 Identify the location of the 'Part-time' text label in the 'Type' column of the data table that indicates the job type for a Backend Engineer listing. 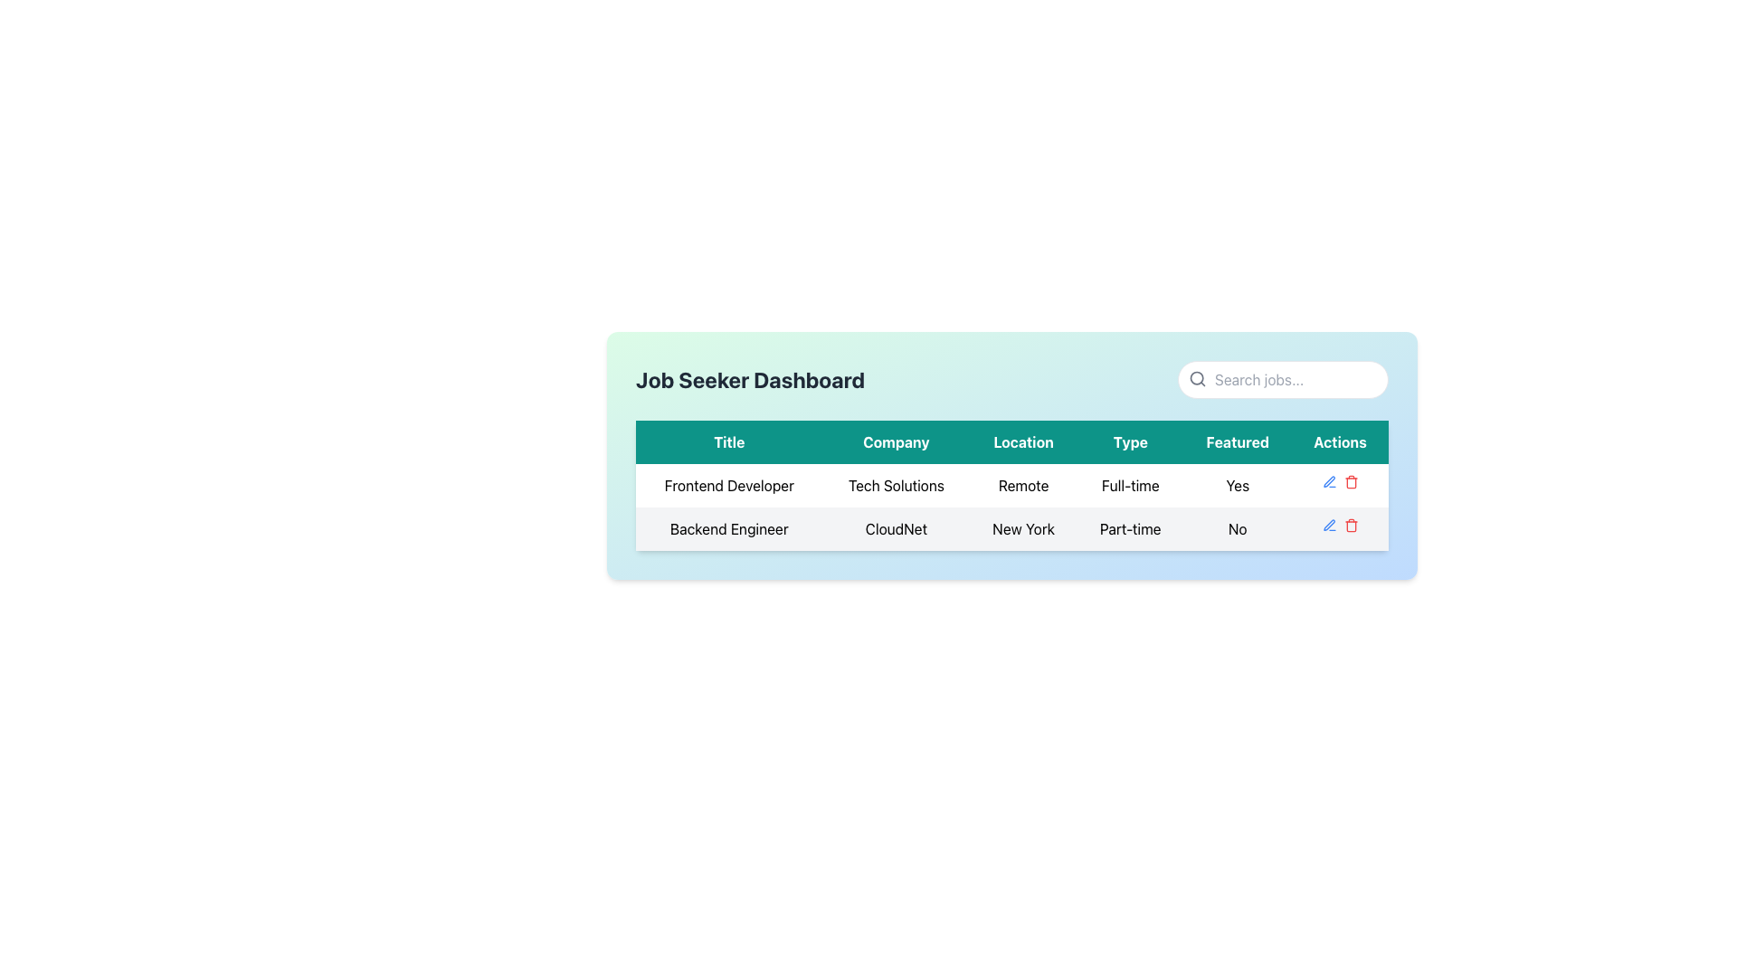
(1129, 529).